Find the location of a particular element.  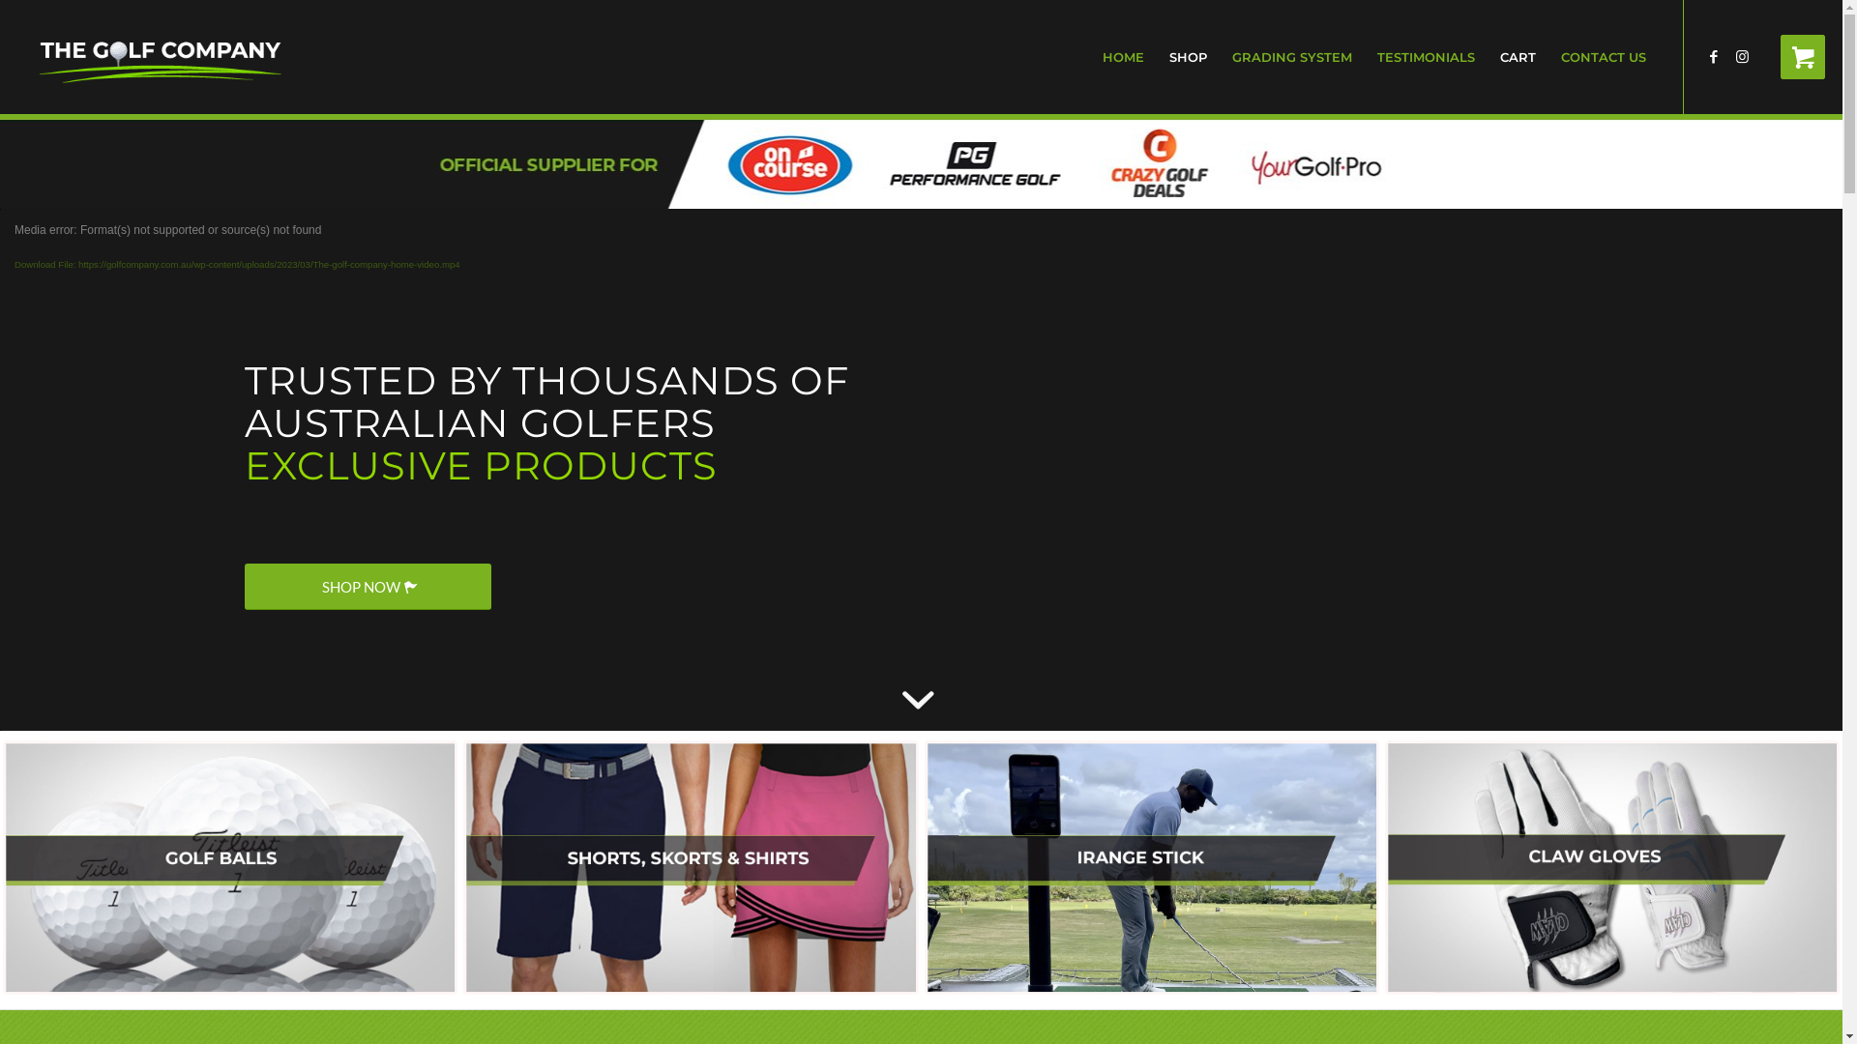

'CART' is located at coordinates (1517, 55).